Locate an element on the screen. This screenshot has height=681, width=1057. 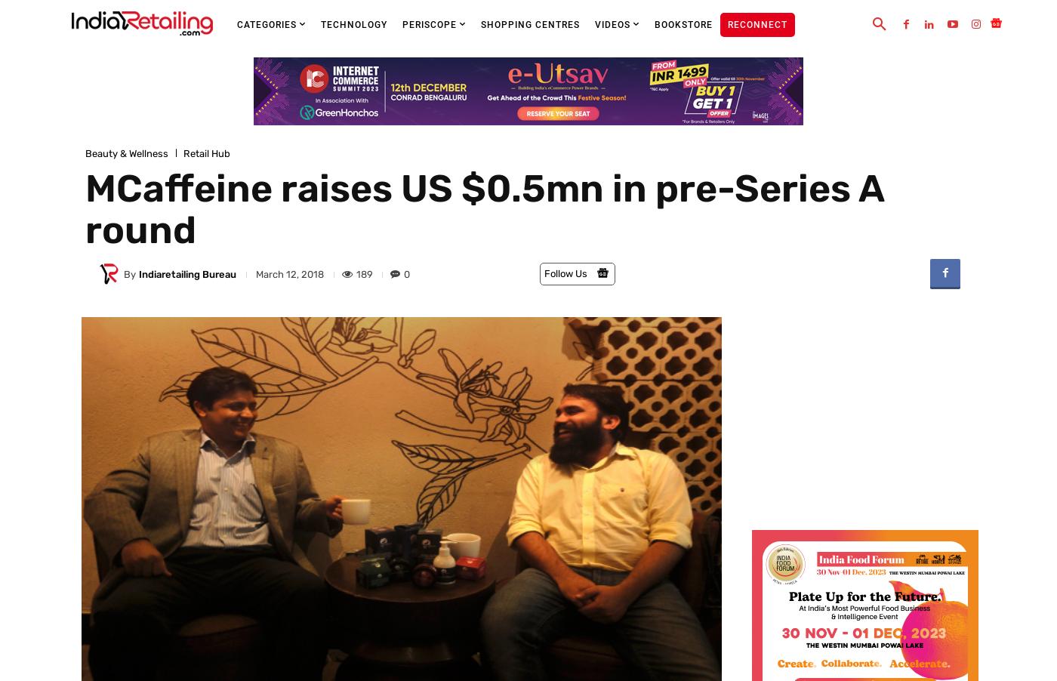
'Follow Us' is located at coordinates (565, 273).